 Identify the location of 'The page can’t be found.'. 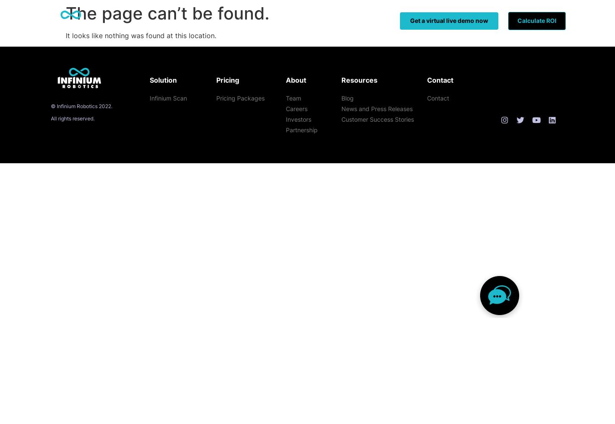
(167, 13).